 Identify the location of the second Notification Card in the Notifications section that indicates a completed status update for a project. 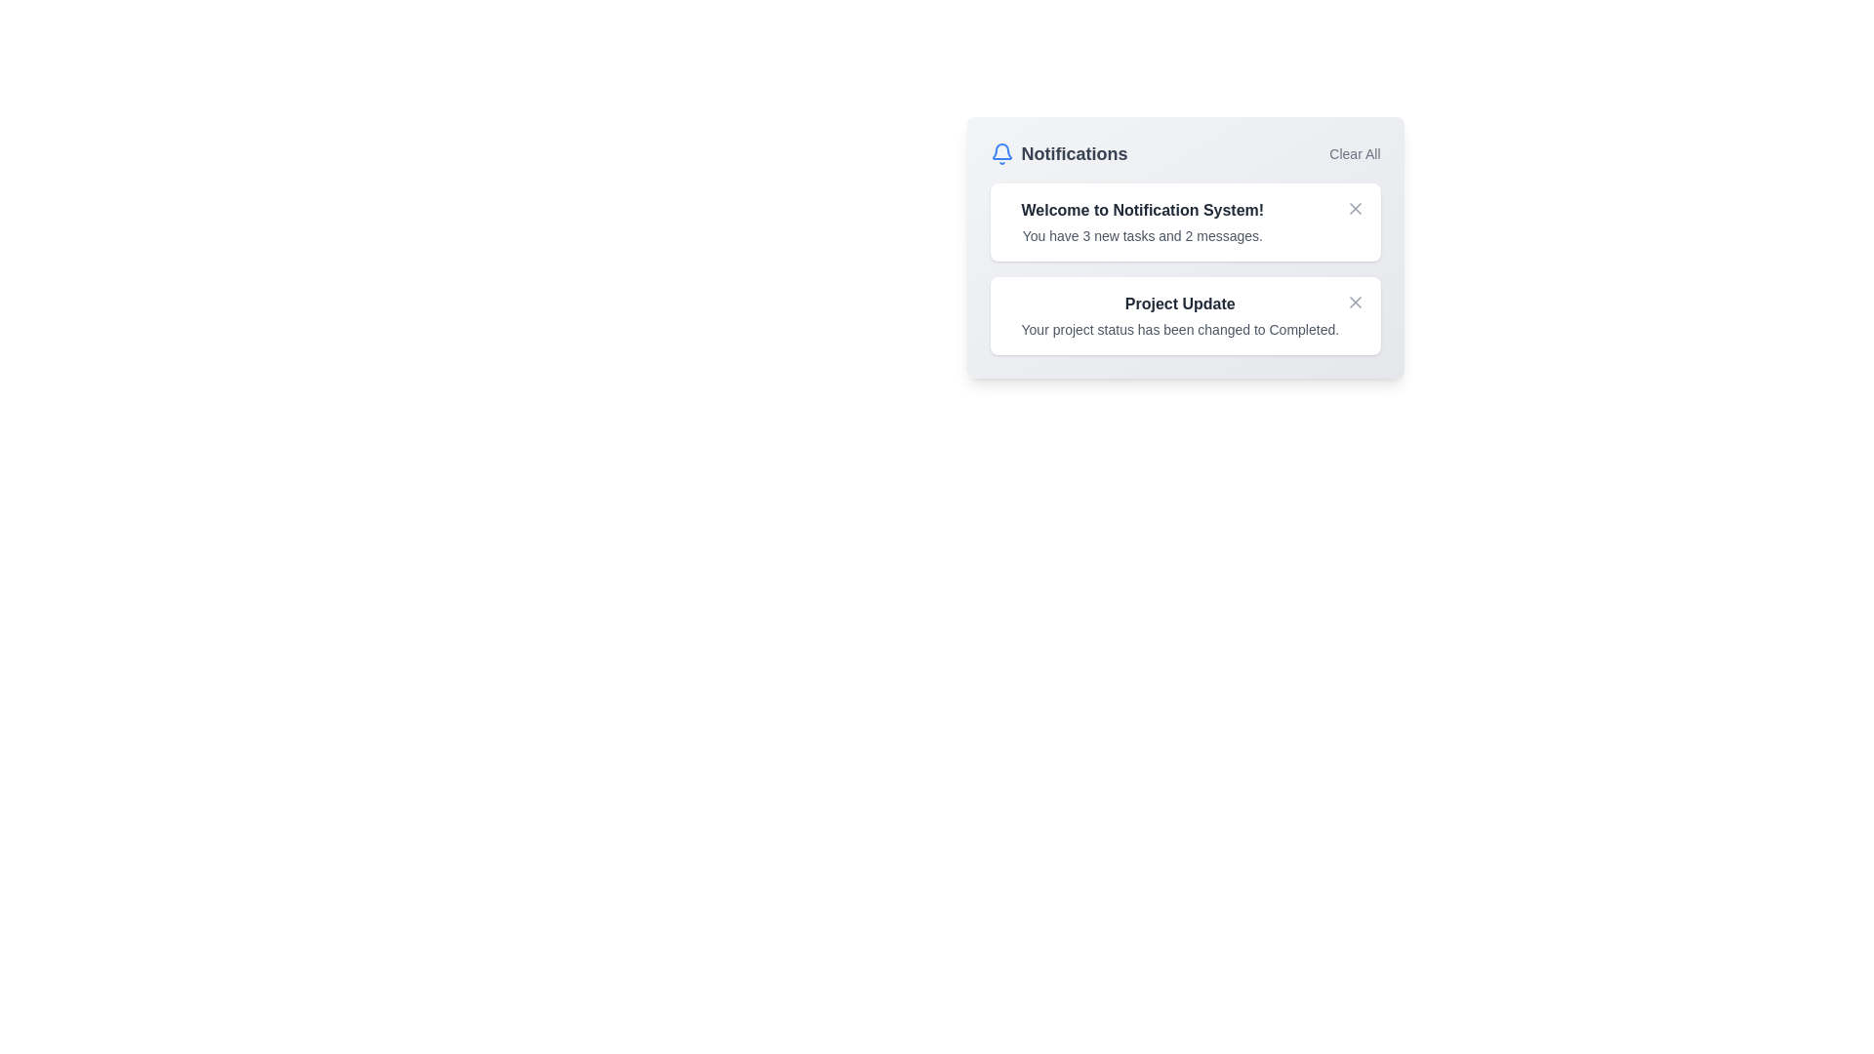
(1184, 315).